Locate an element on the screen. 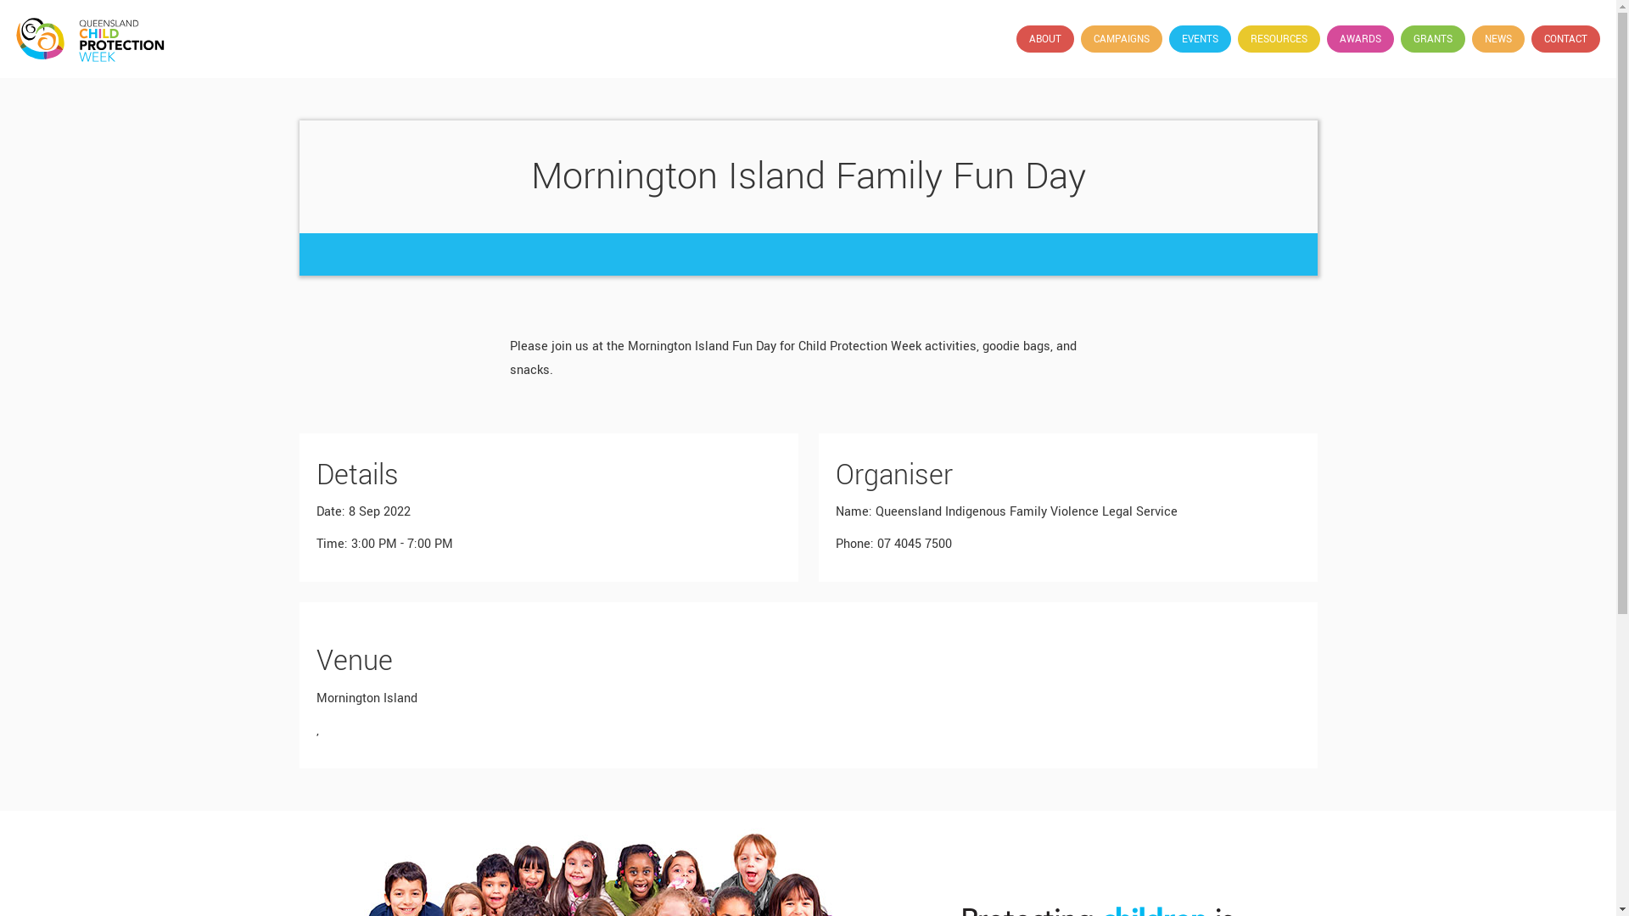 The image size is (1629, 916). 'GRANTS' is located at coordinates (1432, 38).